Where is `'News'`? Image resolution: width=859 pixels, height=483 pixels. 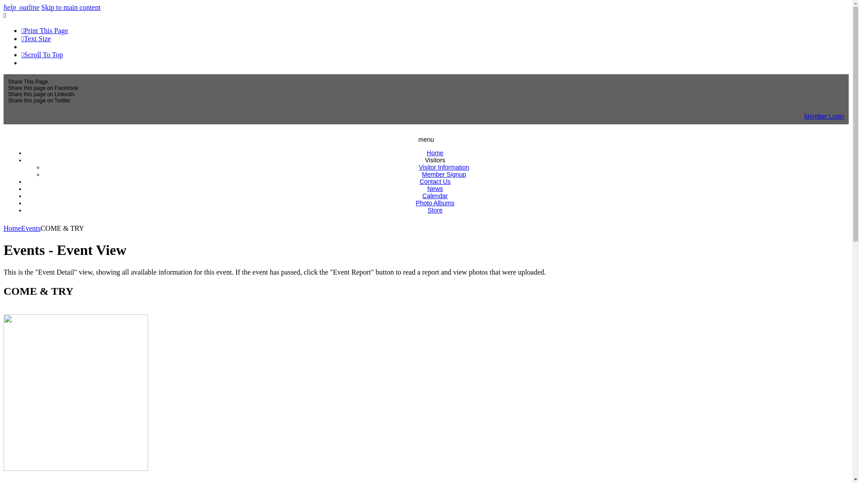 'News' is located at coordinates (435, 188).